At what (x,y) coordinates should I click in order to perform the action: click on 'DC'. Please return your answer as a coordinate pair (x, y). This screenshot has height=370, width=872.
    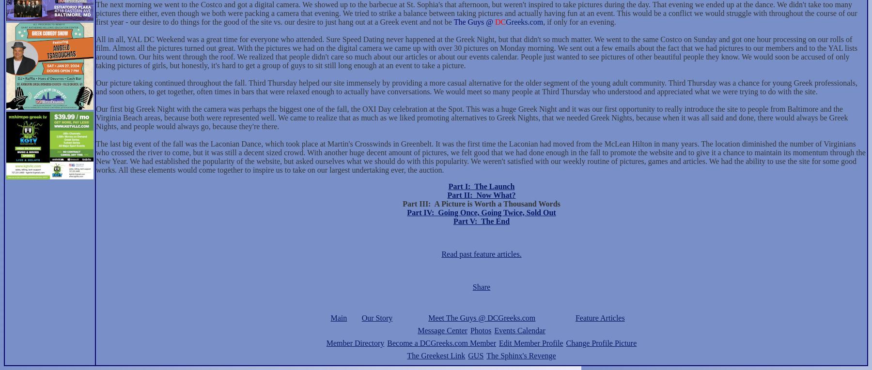
    Looking at the image, I should click on (500, 22).